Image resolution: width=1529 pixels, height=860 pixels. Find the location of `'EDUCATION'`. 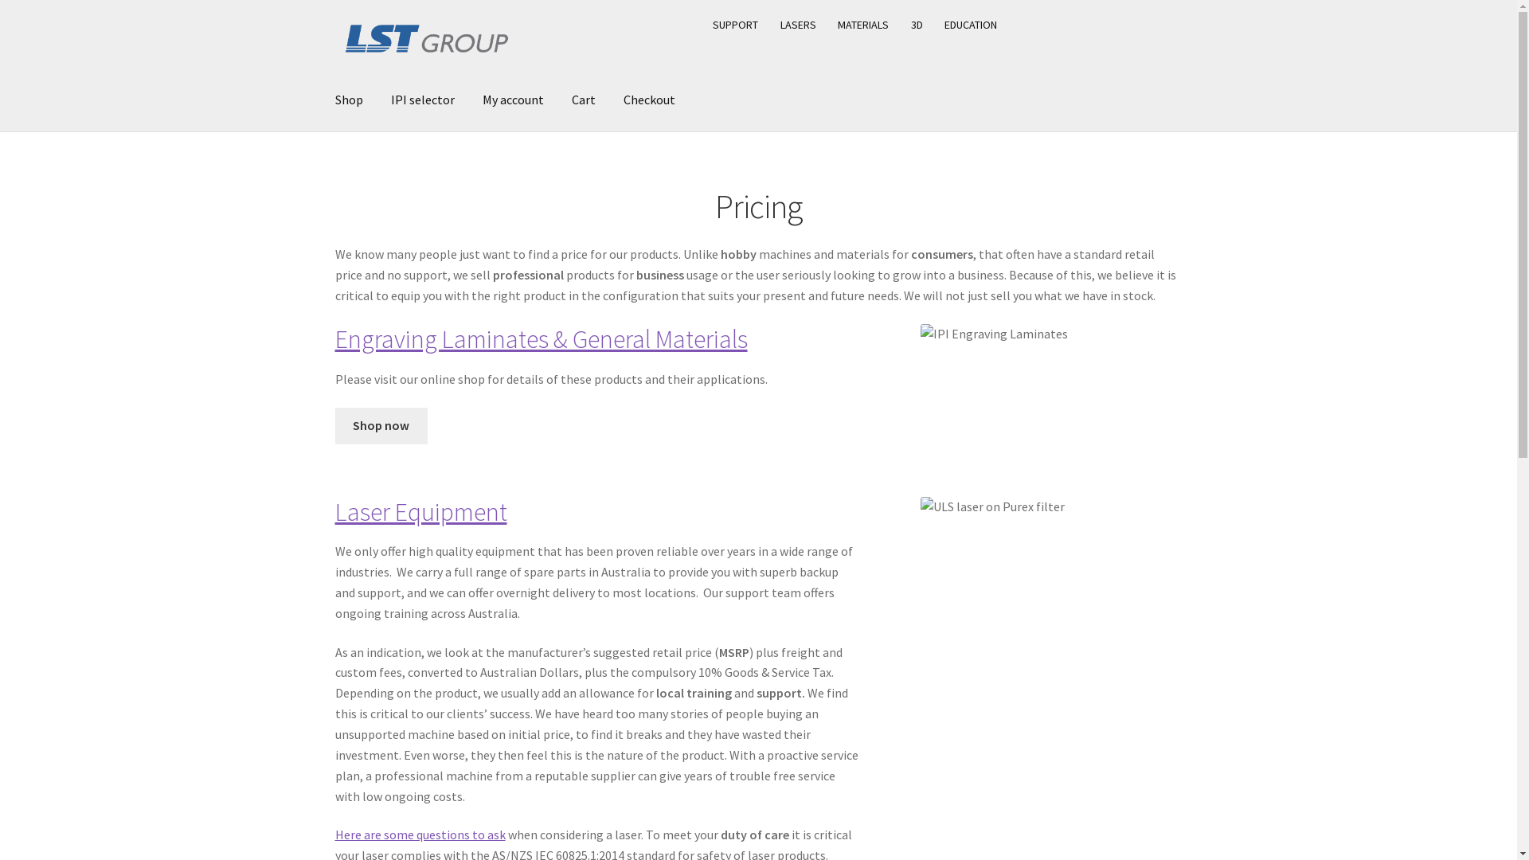

'EDUCATION' is located at coordinates (970, 24).